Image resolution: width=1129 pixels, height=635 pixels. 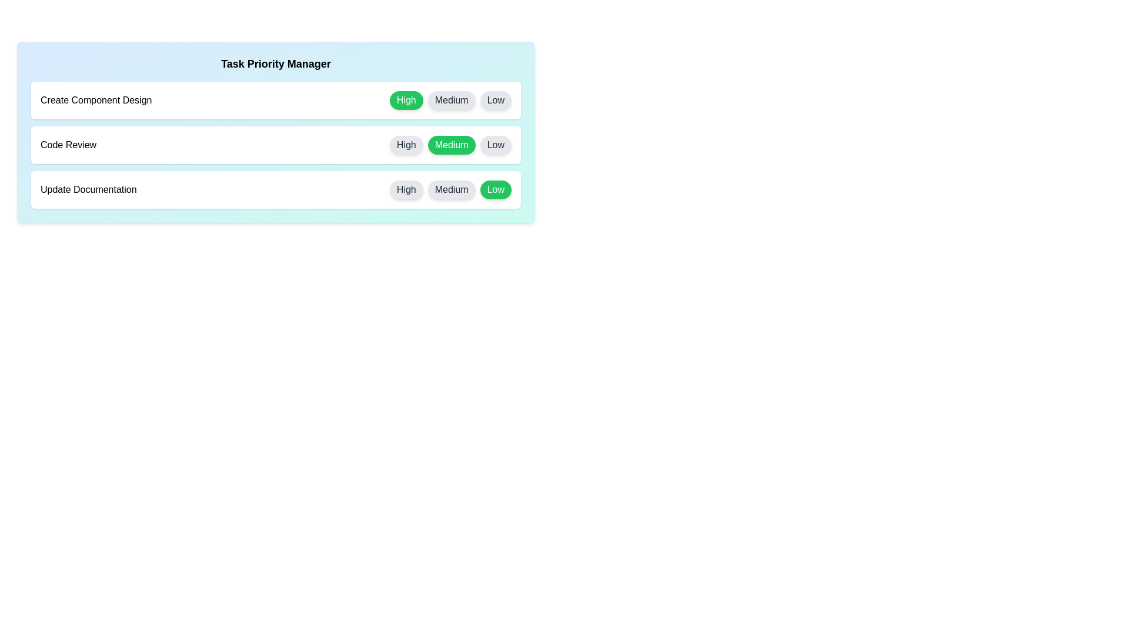 What do you see at coordinates (496, 99) in the screenshot?
I see `the Low button for the task 'Create Component Design' to set its priority` at bounding box center [496, 99].